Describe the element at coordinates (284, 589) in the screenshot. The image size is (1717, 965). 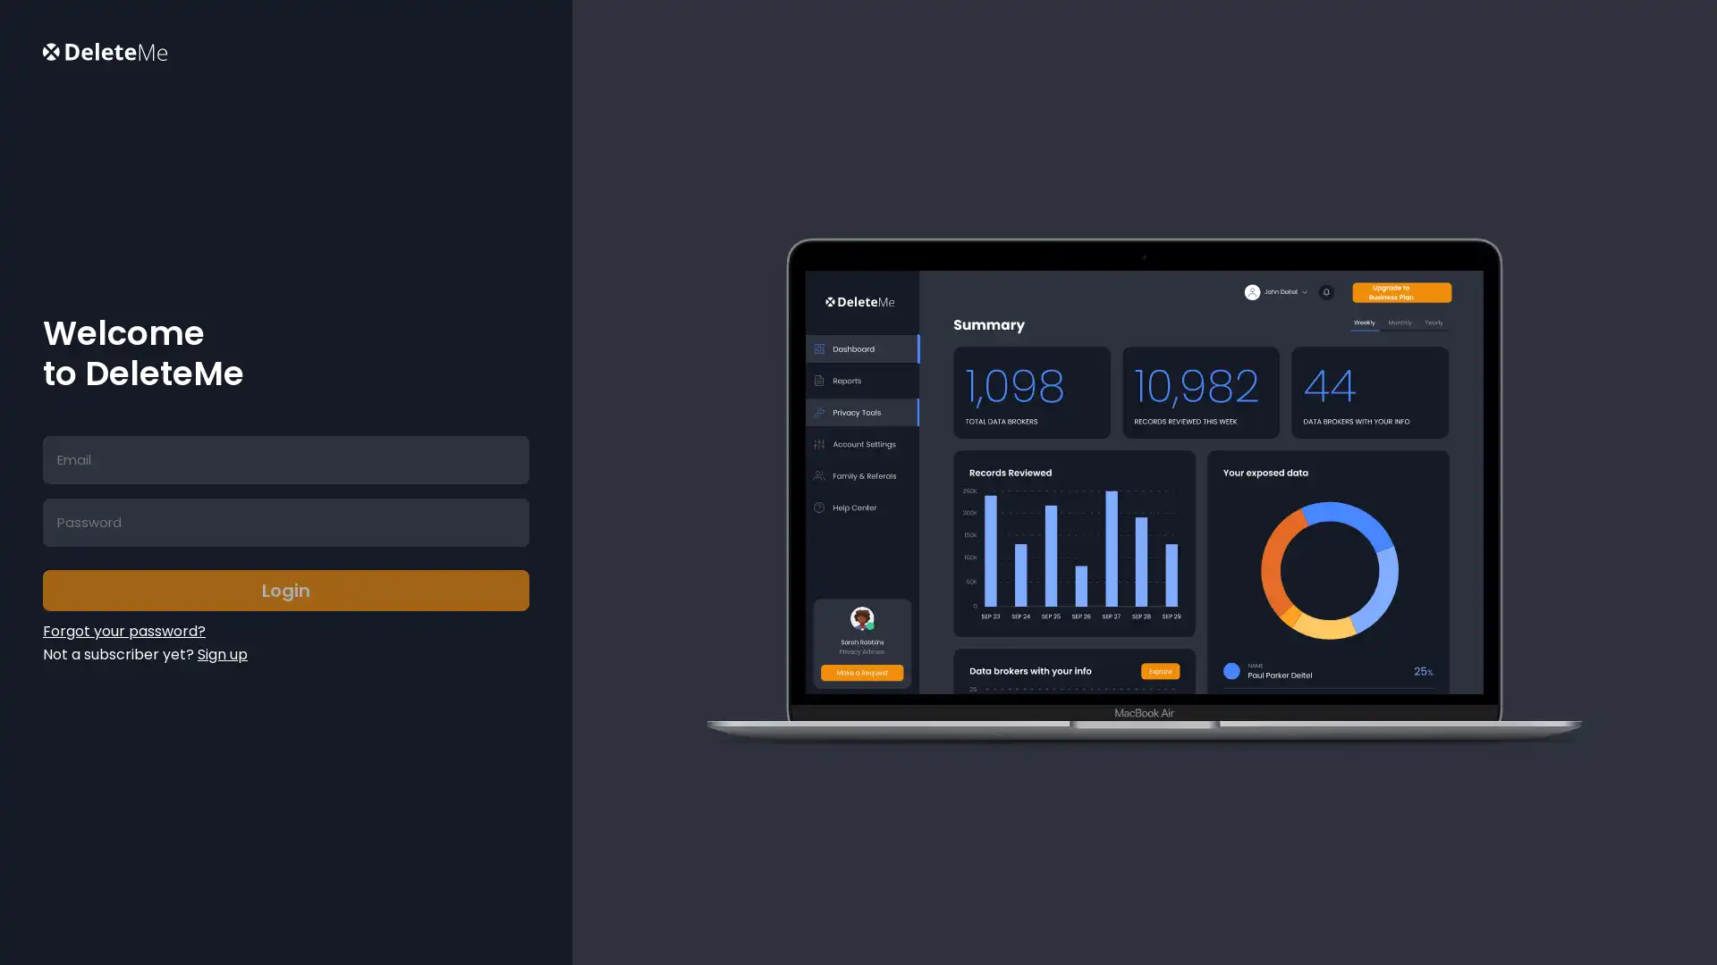
I see `Login` at that location.